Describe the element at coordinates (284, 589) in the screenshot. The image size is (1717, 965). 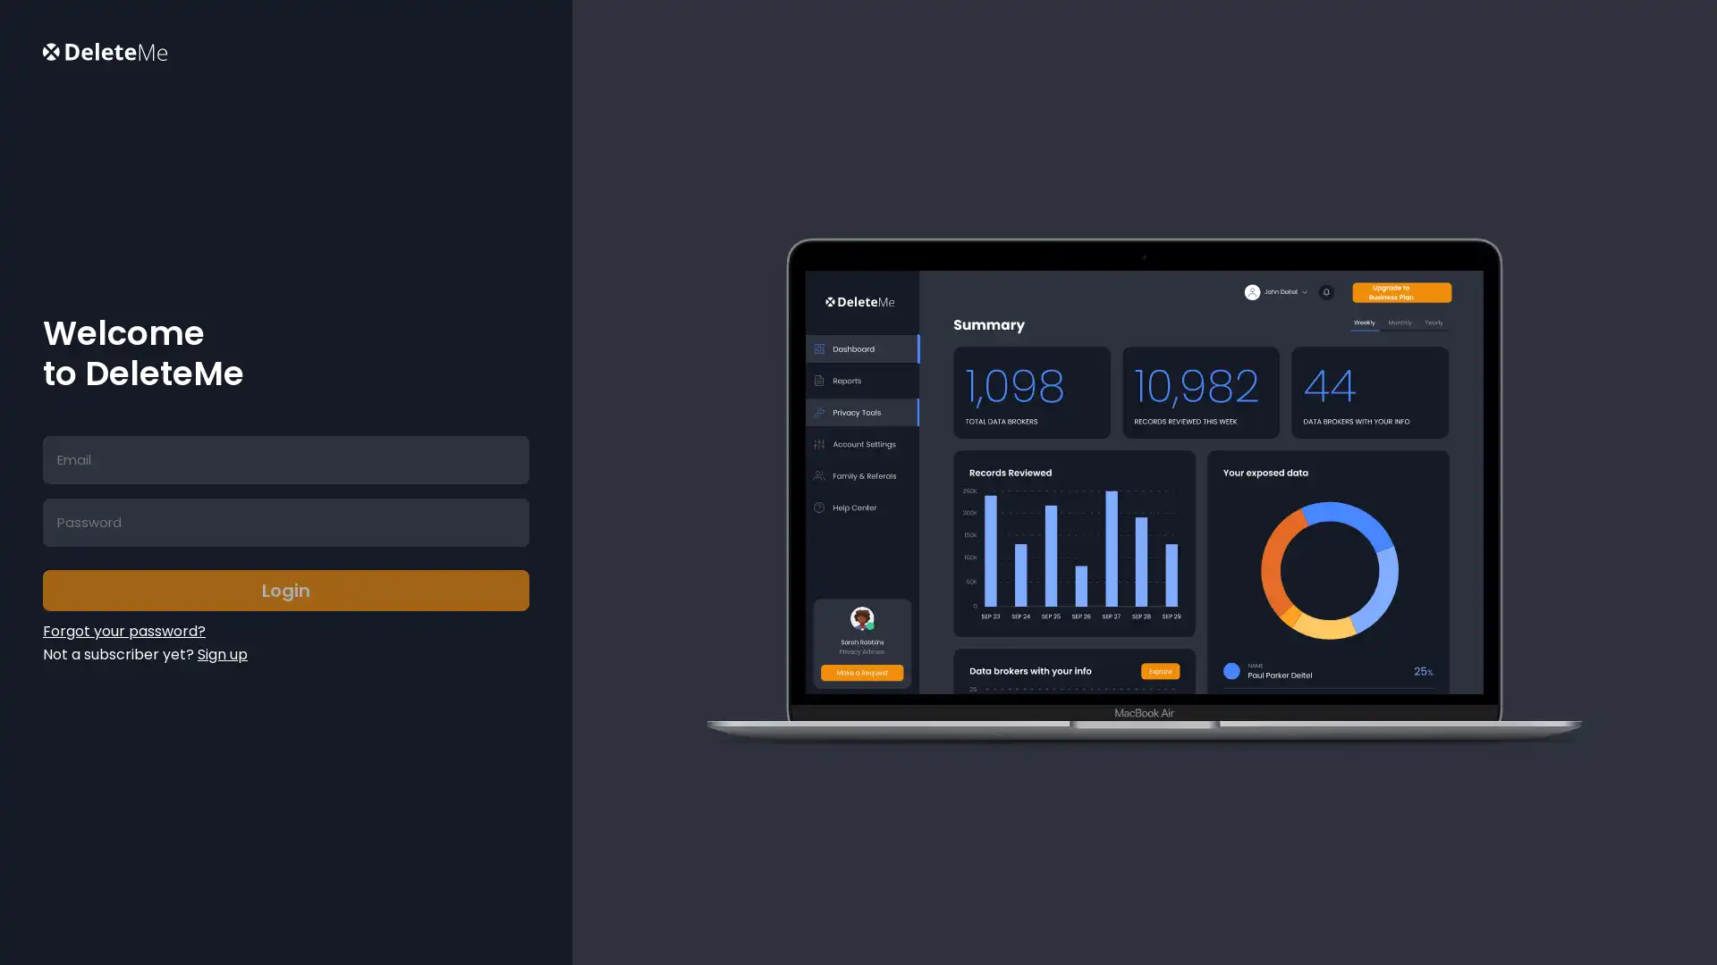
I see `Login` at that location.